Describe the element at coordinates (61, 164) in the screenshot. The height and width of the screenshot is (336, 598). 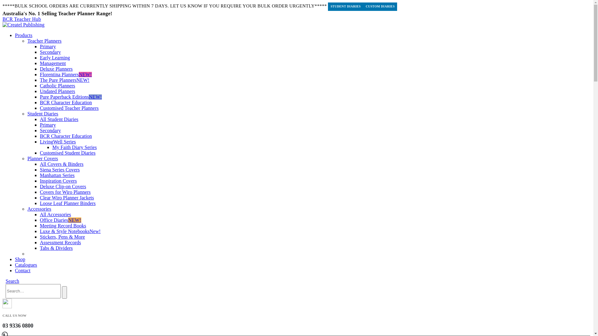
I see `'All Covers & Binders'` at that location.